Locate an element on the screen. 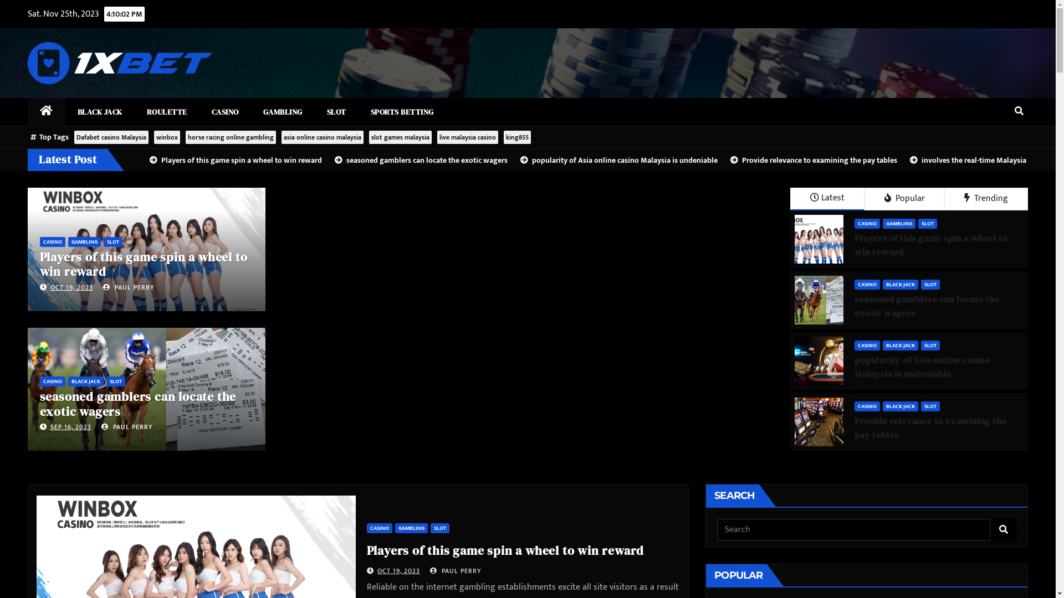 Image resolution: width=1064 pixels, height=598 pixels. 'Players of this game spin a wheel to win reward' is located at coordinates (231, 160).